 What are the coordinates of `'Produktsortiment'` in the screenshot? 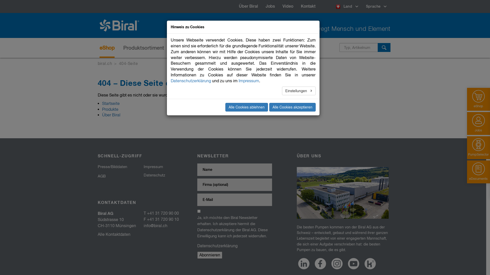 It's located at (123, 48).